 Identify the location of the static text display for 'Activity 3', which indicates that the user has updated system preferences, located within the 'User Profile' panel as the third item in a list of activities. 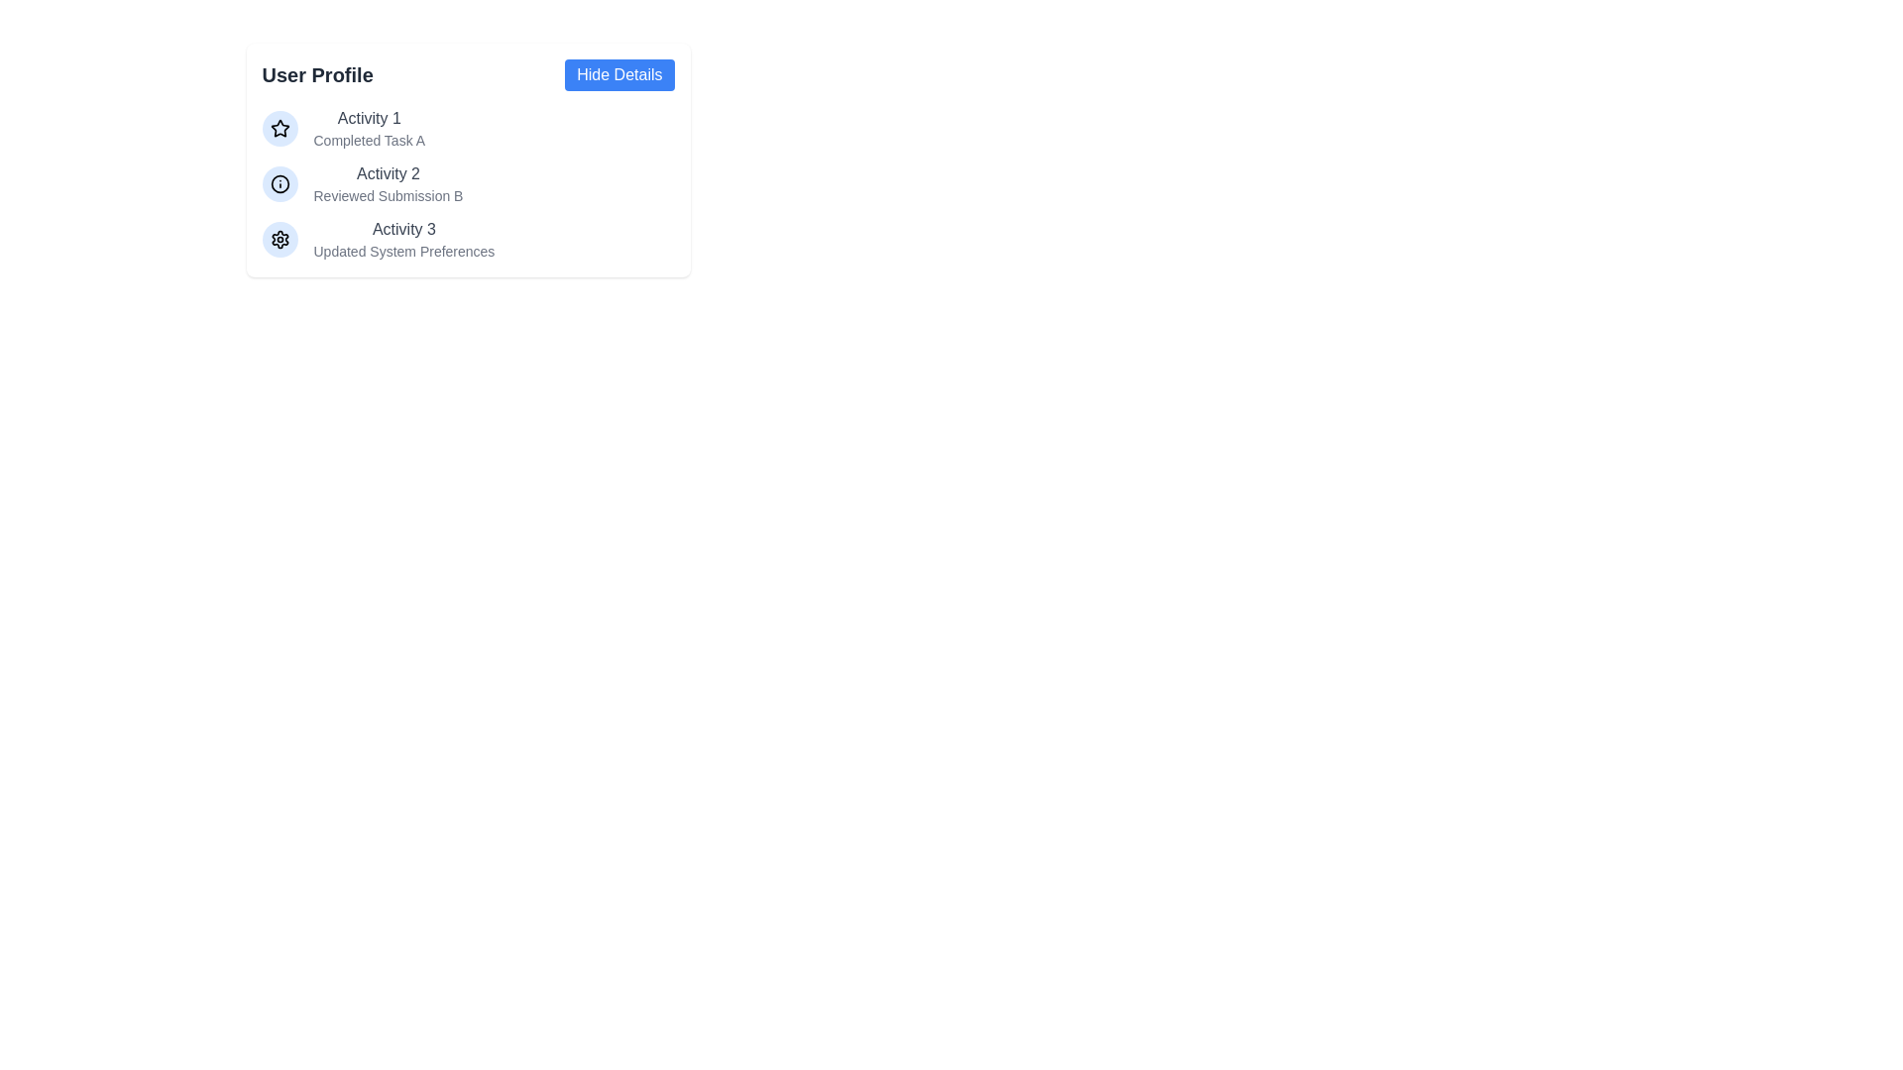
(403, 239).